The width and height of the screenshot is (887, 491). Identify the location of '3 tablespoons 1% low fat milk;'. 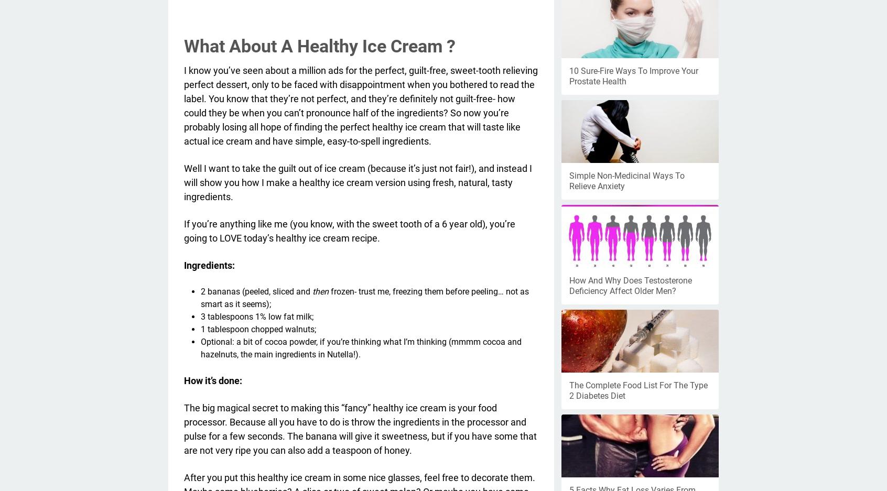
(256, 315).